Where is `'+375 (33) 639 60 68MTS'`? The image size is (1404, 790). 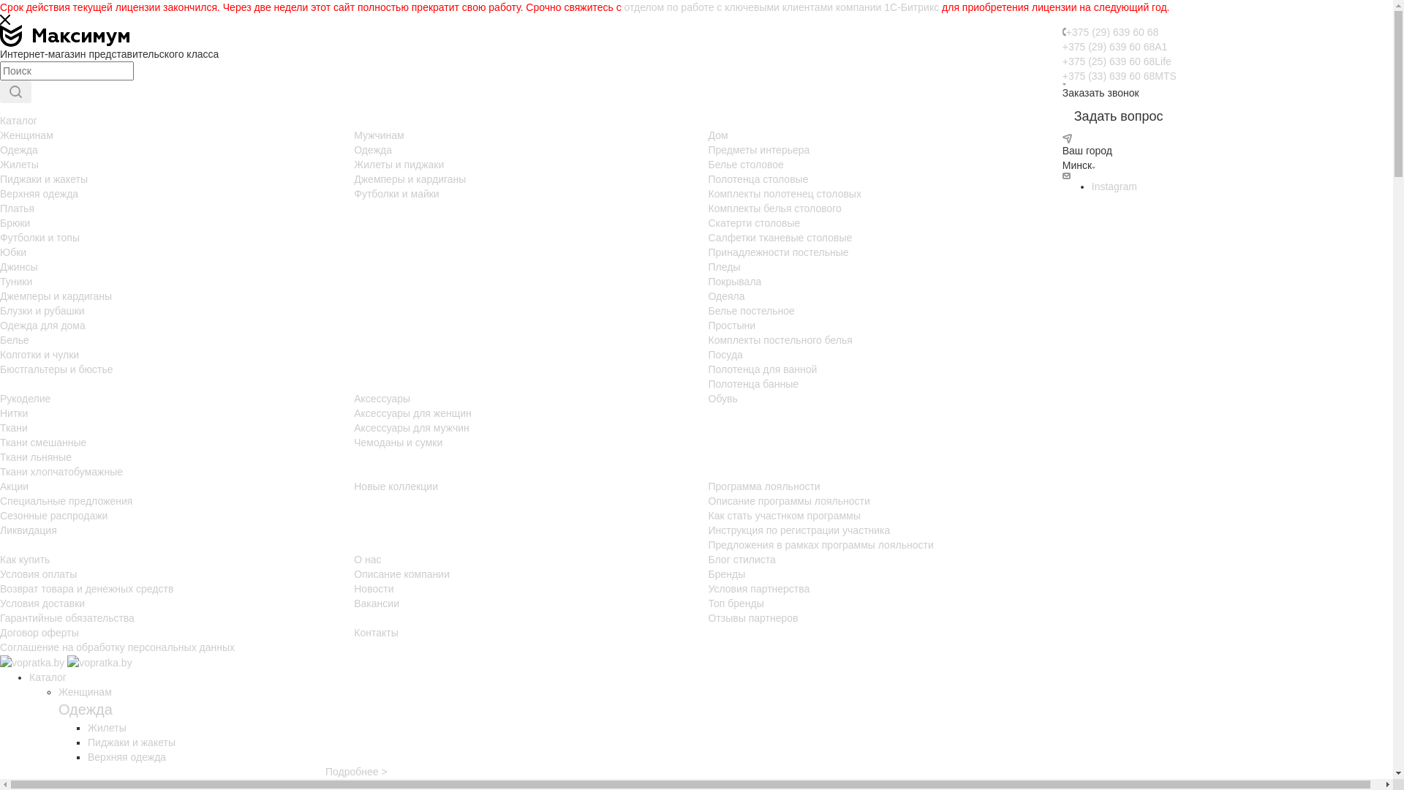
'+375 (33) 639 60 68MTS' is located at coordinates (1063, 76).